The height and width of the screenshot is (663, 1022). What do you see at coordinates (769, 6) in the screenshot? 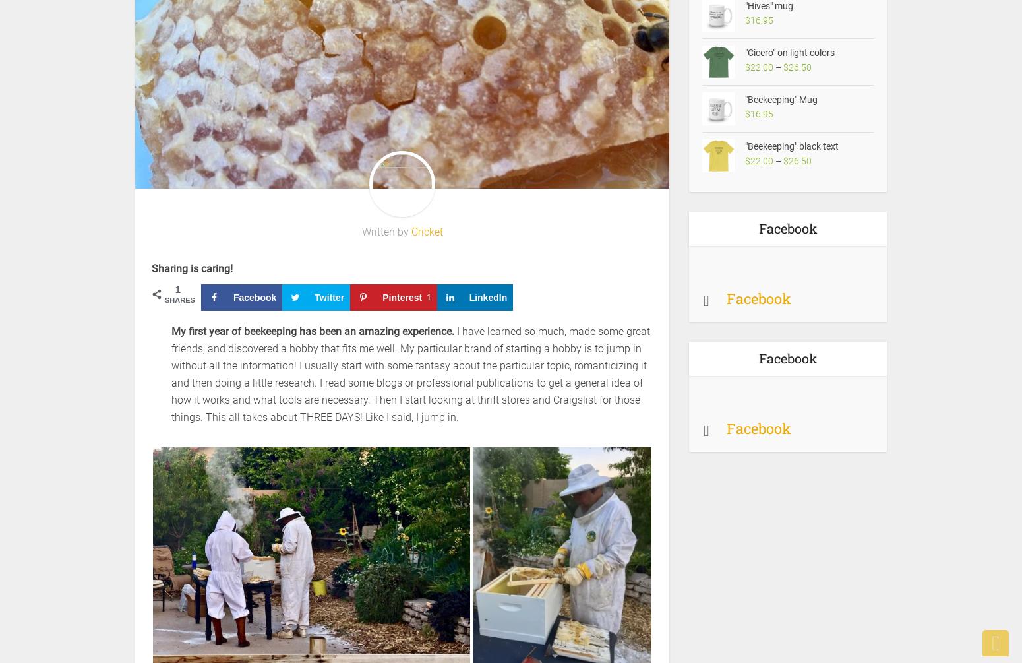
I see `'"Hives" mug'` at bounding box center [769, 6].